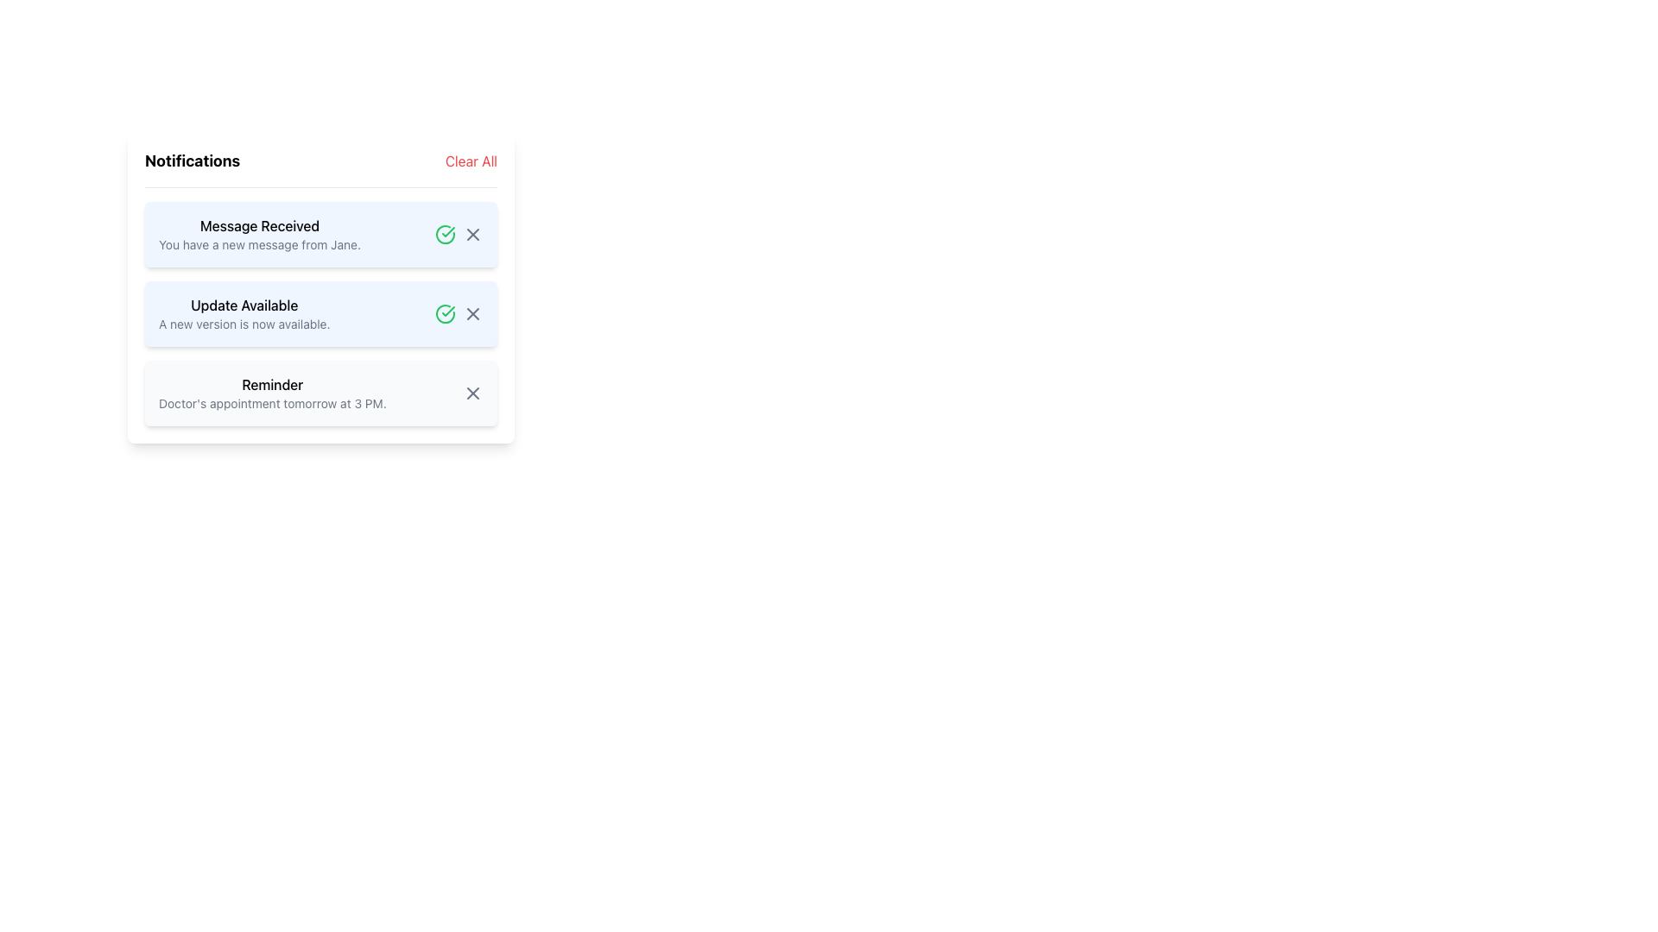 This screenshot has height=932, width=1658. Describe the element at coordinates (193, 161) in the screenshot. I see `text content of the bold header labeled 'Notifications', which is positioned prominently at the top-left corner of the notification panel` at that location.